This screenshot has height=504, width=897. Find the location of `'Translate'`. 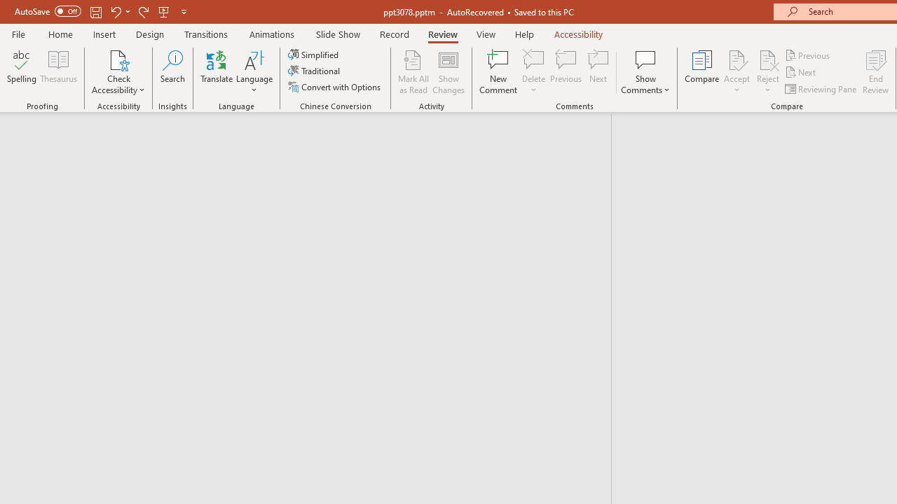

'Translate' is located at coordinates (216, 72).